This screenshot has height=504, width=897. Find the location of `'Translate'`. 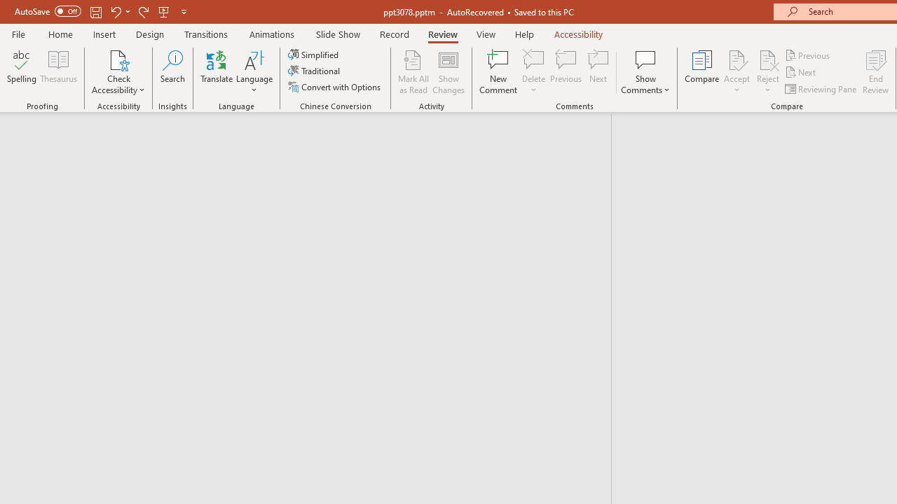

'Translate' is located at coordinates (216, 72).